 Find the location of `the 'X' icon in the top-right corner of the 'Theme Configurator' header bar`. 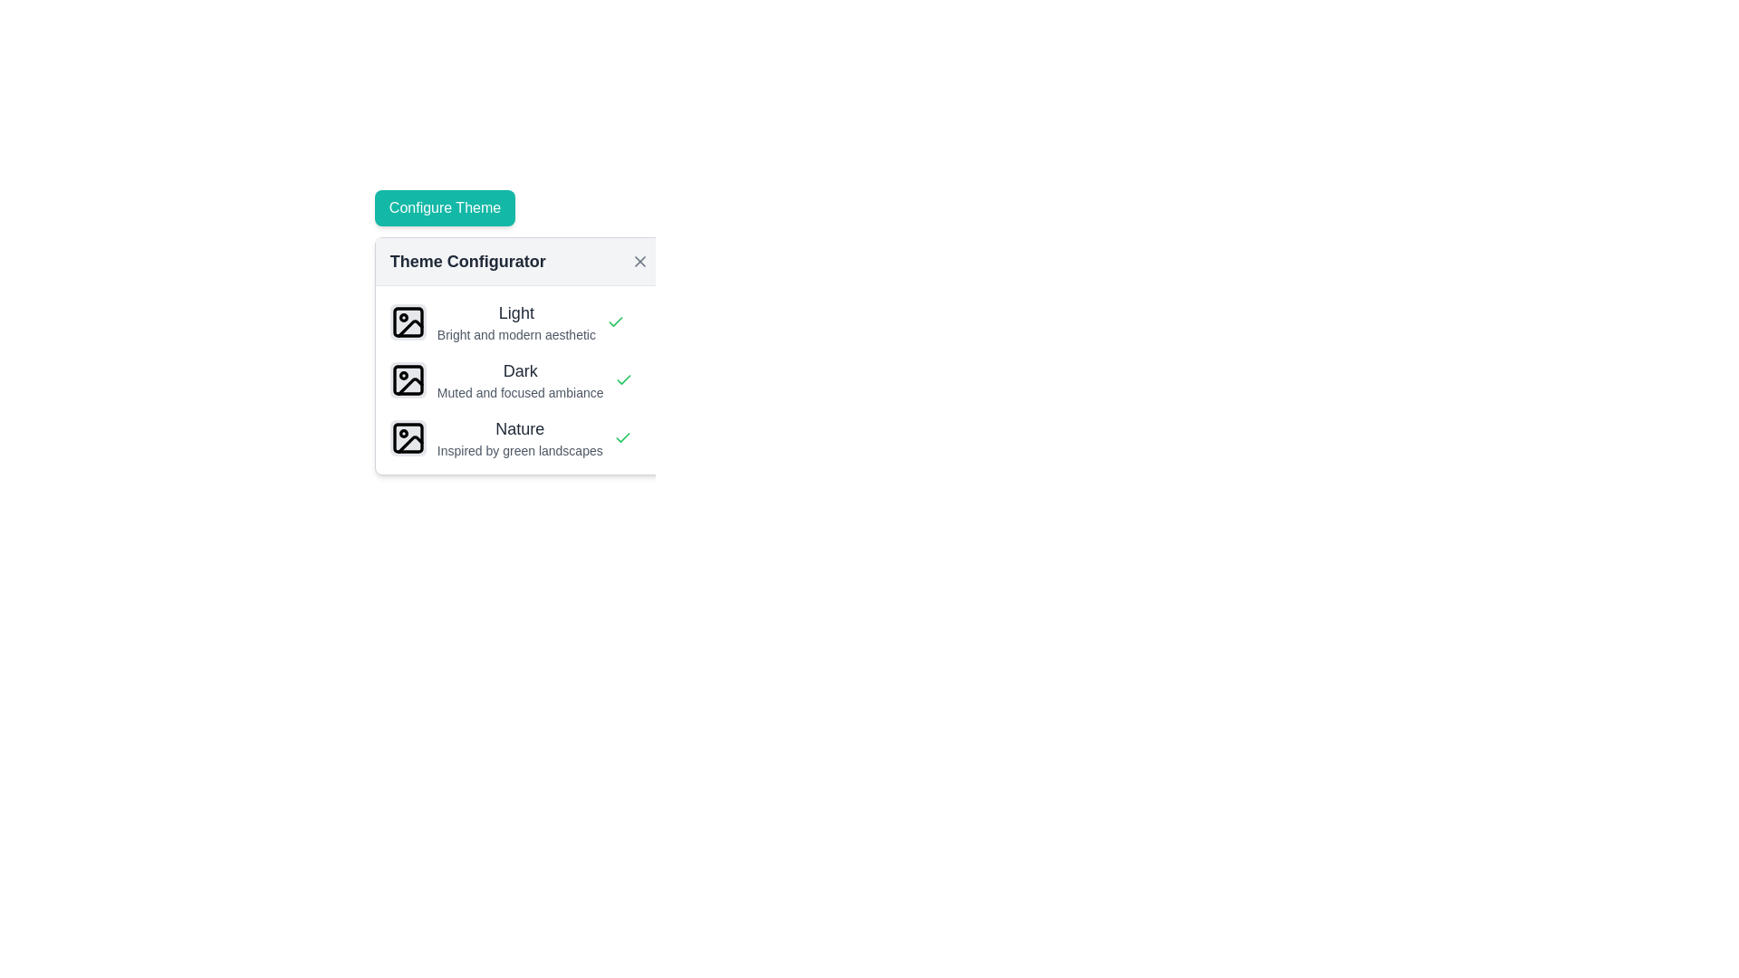

the 'X' icon in the top-right corner of the 'Theme Configurator' header bar is located at coordinates (639, 262).